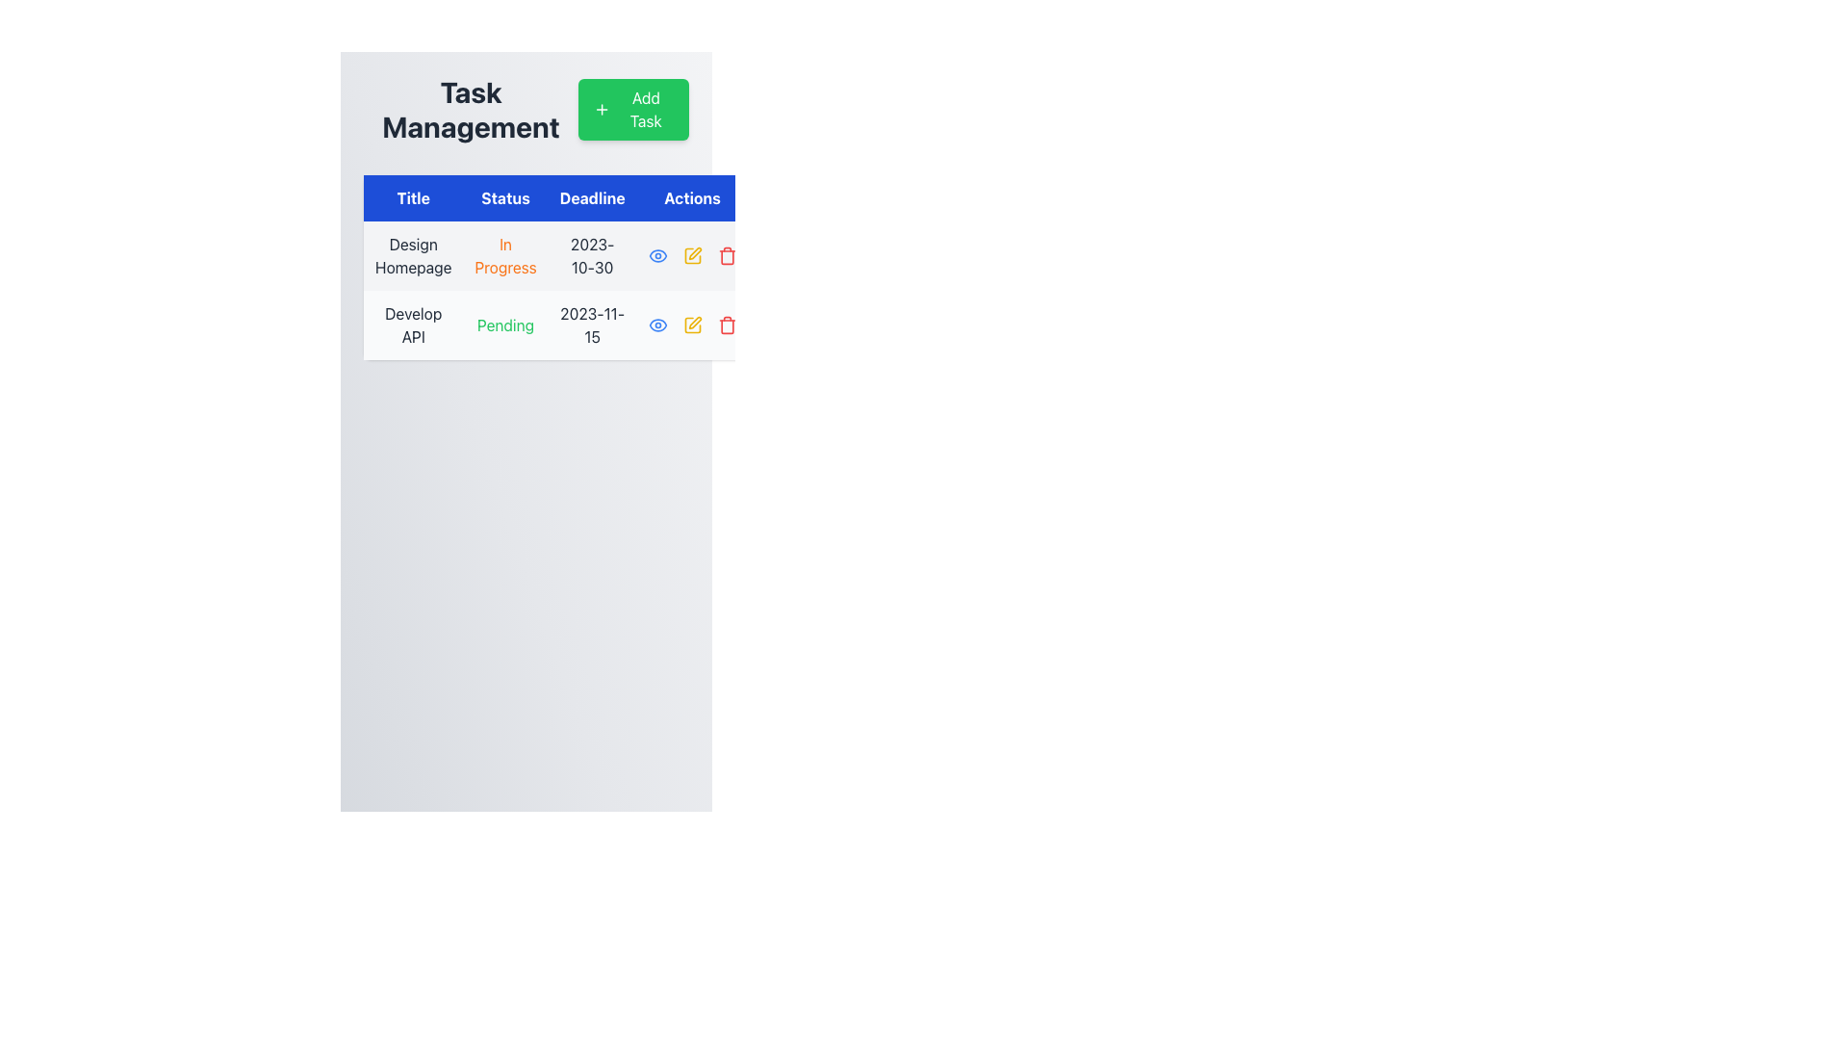 This screenshot has width=1848, height=1040. I want to click on the 'Actions' text label, which is a rectangular blue box with white text, positioned as the last header in a row of headers including 'Title', 'Status', and 'Deadline', so click(692, 197).